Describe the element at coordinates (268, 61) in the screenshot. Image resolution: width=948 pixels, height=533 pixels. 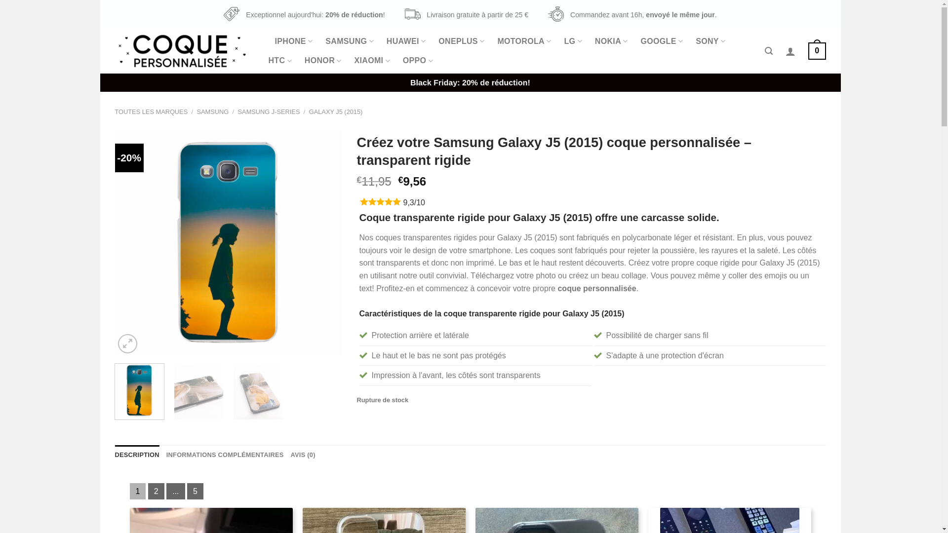
I see `'HTC'` at that location.